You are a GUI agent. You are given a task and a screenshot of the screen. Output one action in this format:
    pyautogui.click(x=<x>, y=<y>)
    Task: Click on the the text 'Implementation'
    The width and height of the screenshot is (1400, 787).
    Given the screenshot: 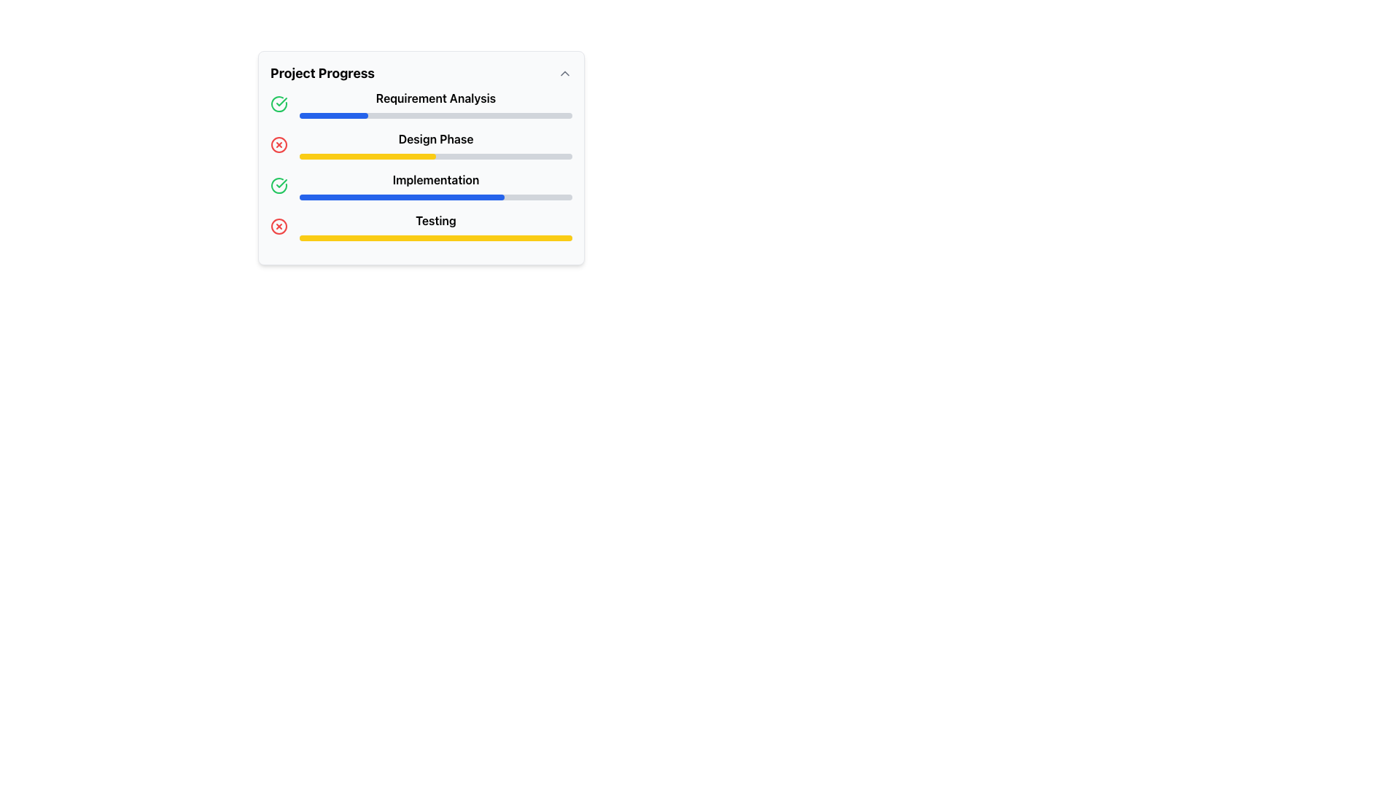 What is the action you would take?
    pyautogui.click(x=420, y=184)
    